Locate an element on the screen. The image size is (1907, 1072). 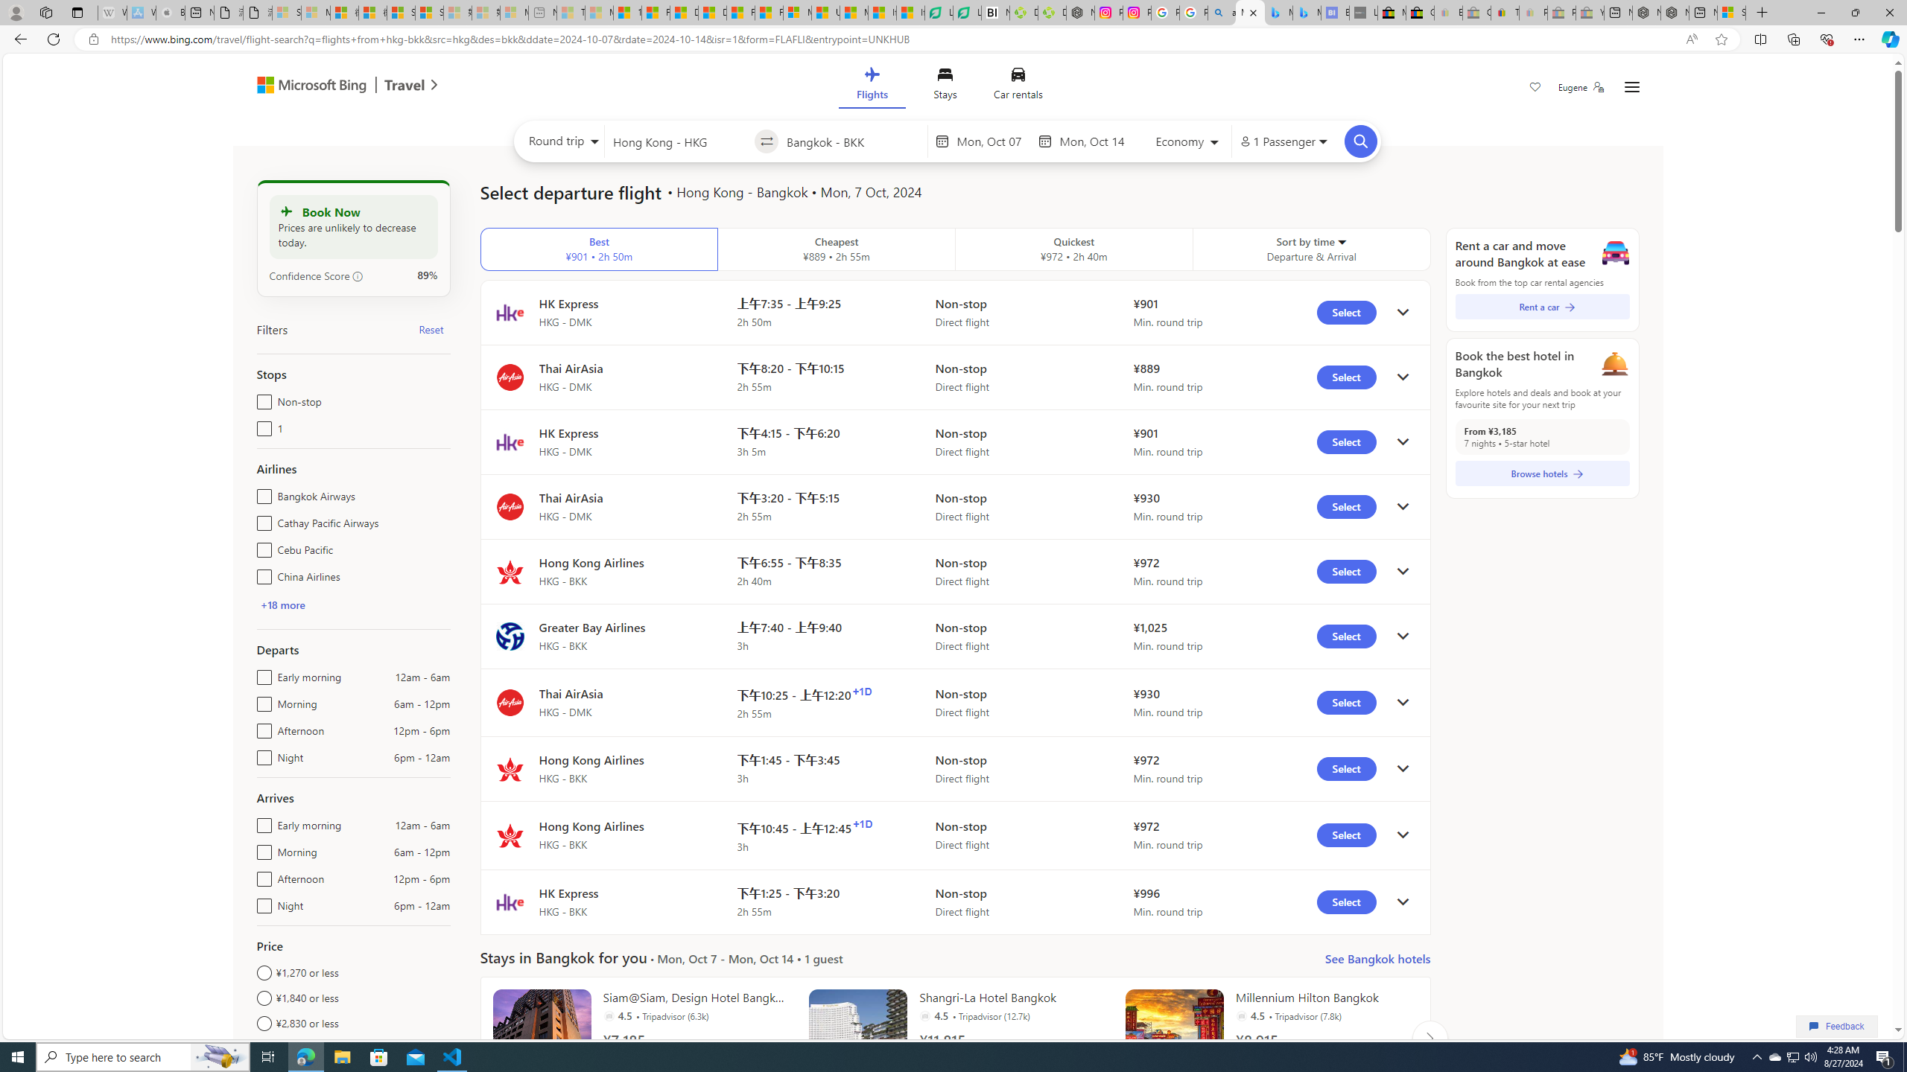
'Bangkok Airways' is located at coordinates (261, 493).